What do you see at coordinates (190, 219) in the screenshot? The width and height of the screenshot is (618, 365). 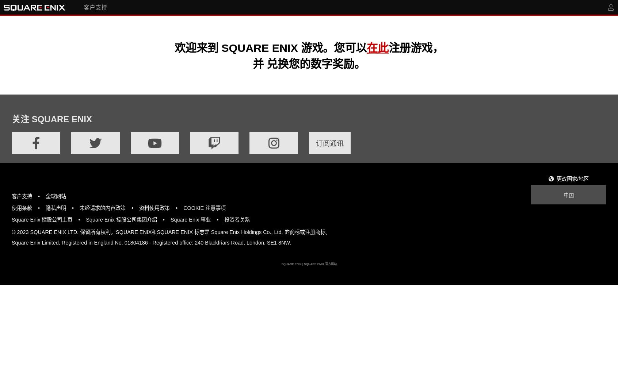 I see `'Square Enix 事业'` at bounding box center [190, 219].